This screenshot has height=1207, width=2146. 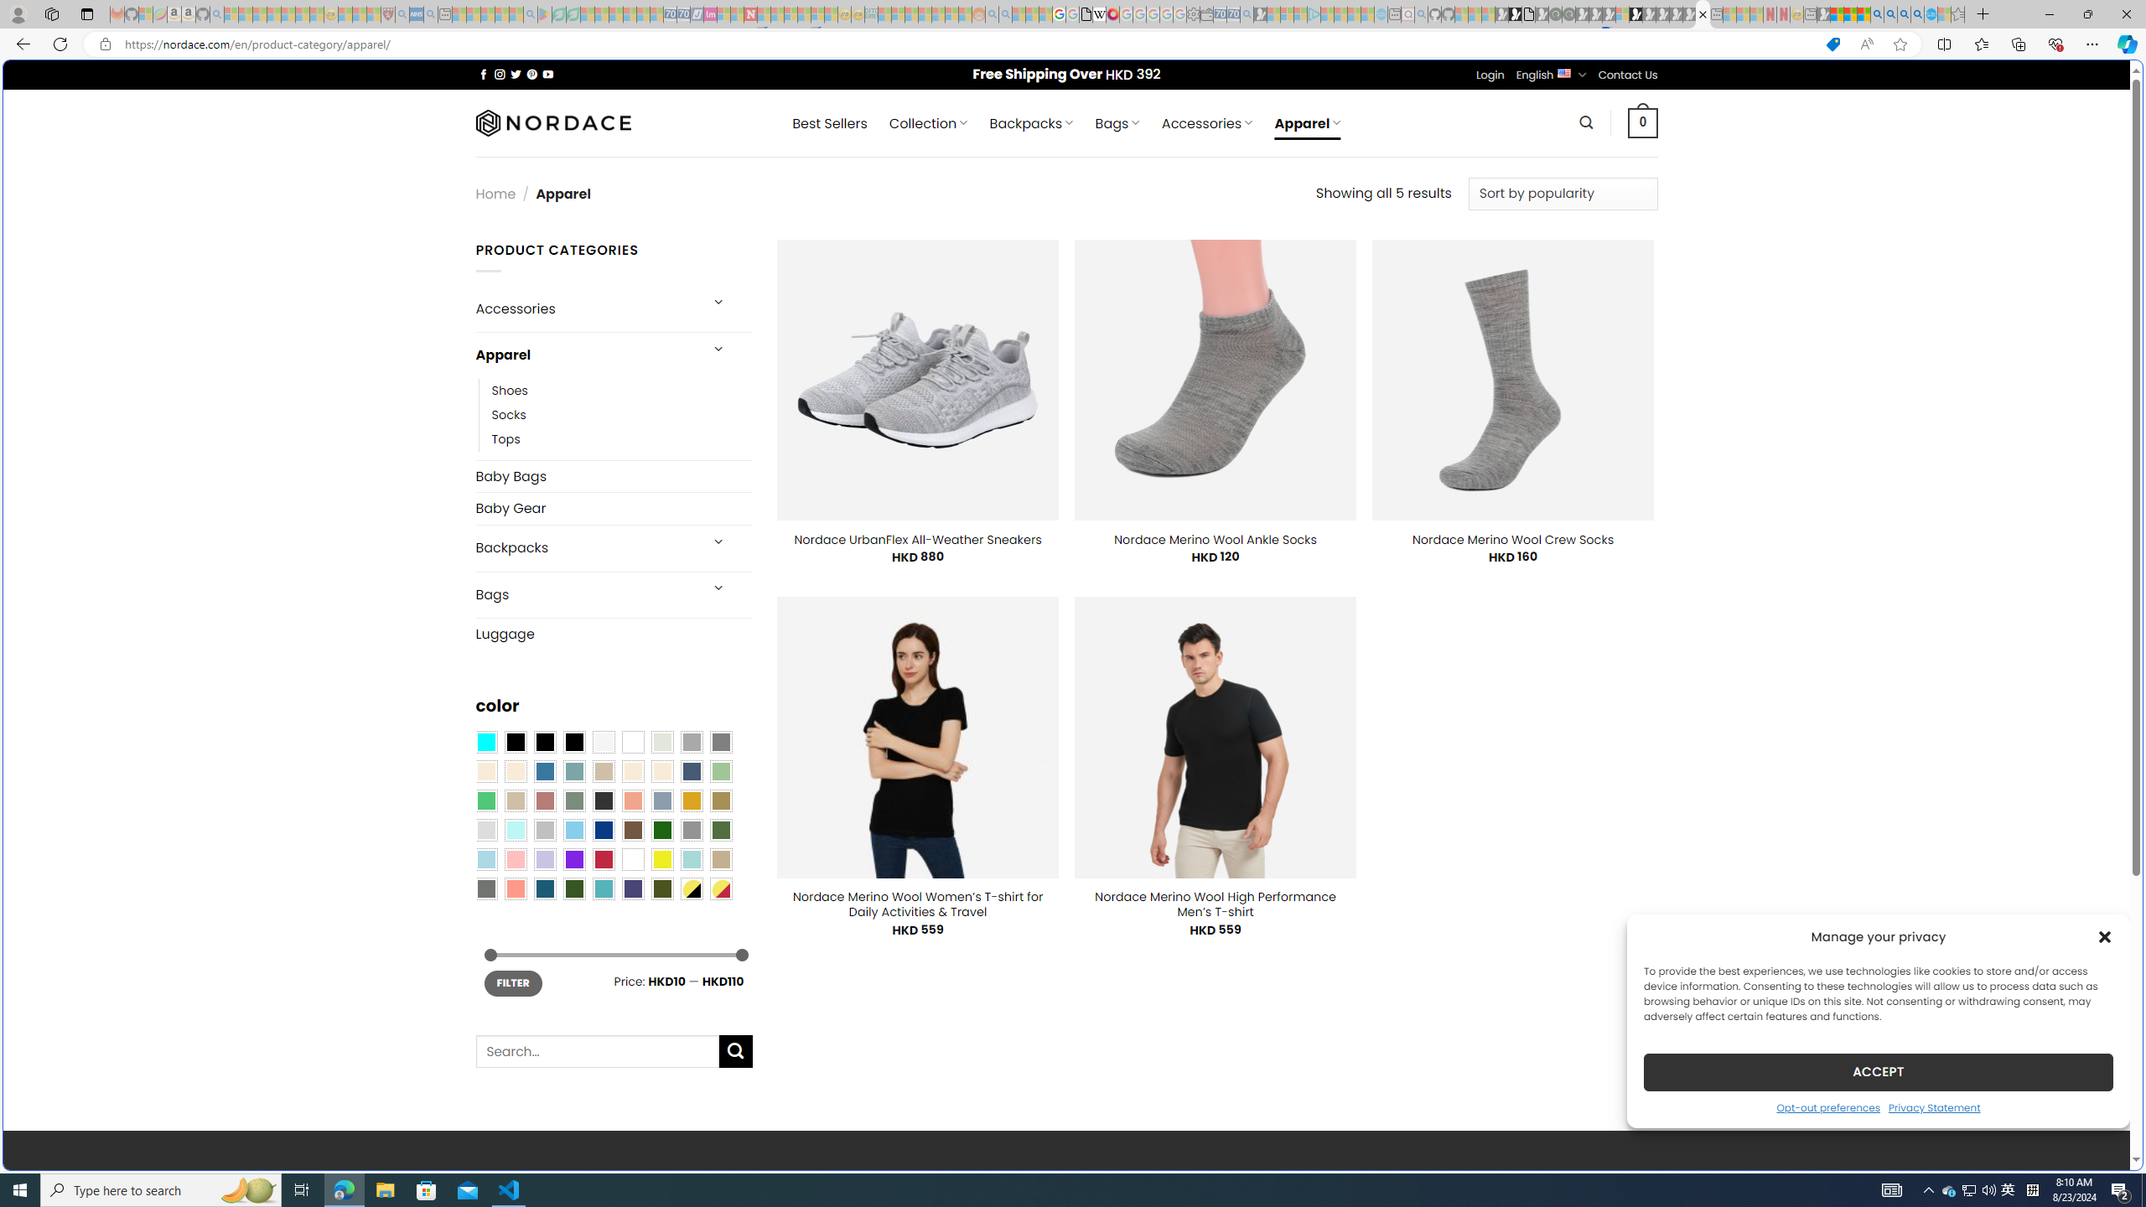 I want to click on 'Local - MSN - Sleeping', so click(x=373, y=13).